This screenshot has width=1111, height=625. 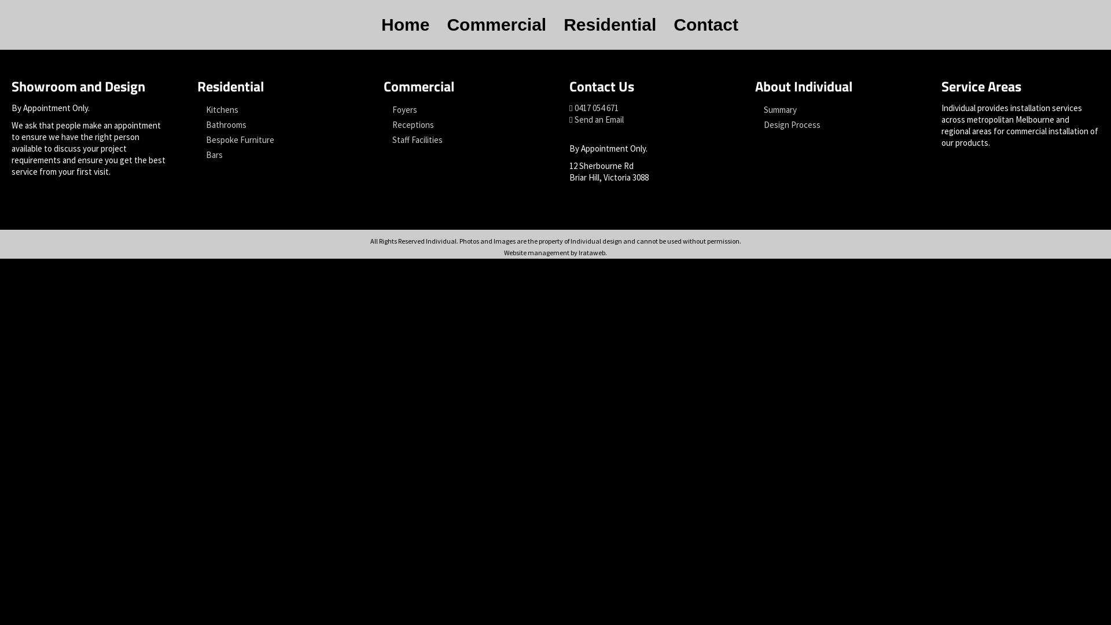 What do you see at coordinates (197, 154) in the screenshot?
I see `'Bars'` at bounding box center [197, 154].